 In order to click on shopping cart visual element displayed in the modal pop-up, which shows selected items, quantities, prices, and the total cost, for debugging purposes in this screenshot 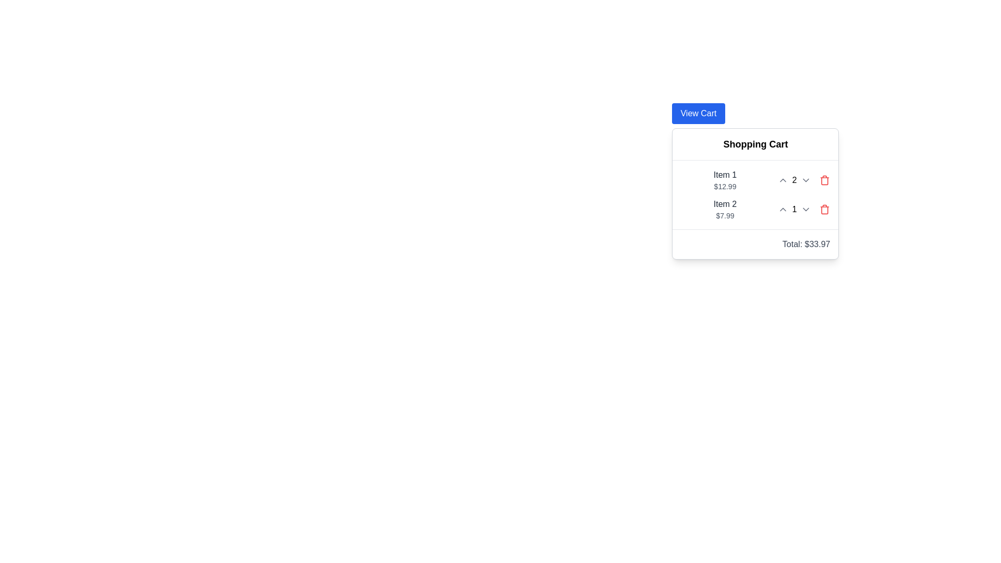, I will do `click(755, 193)`.